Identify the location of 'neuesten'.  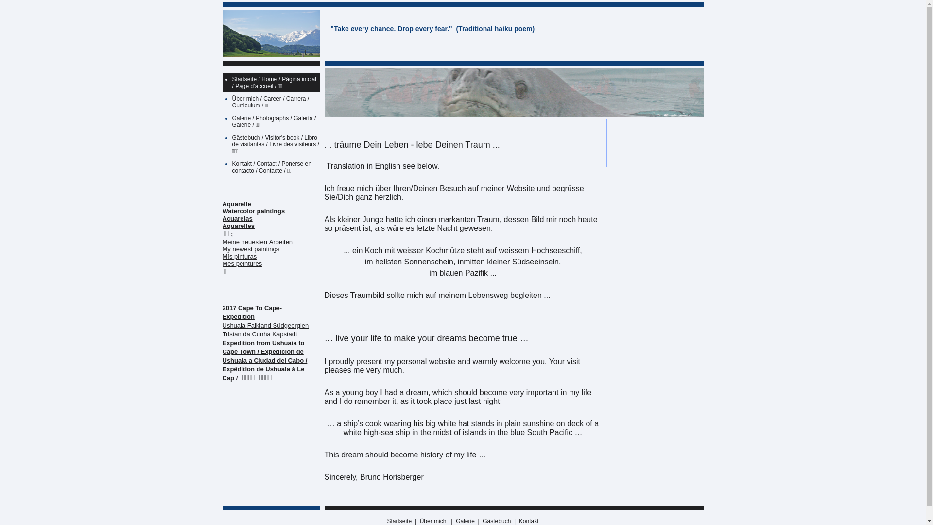
(242, 241).